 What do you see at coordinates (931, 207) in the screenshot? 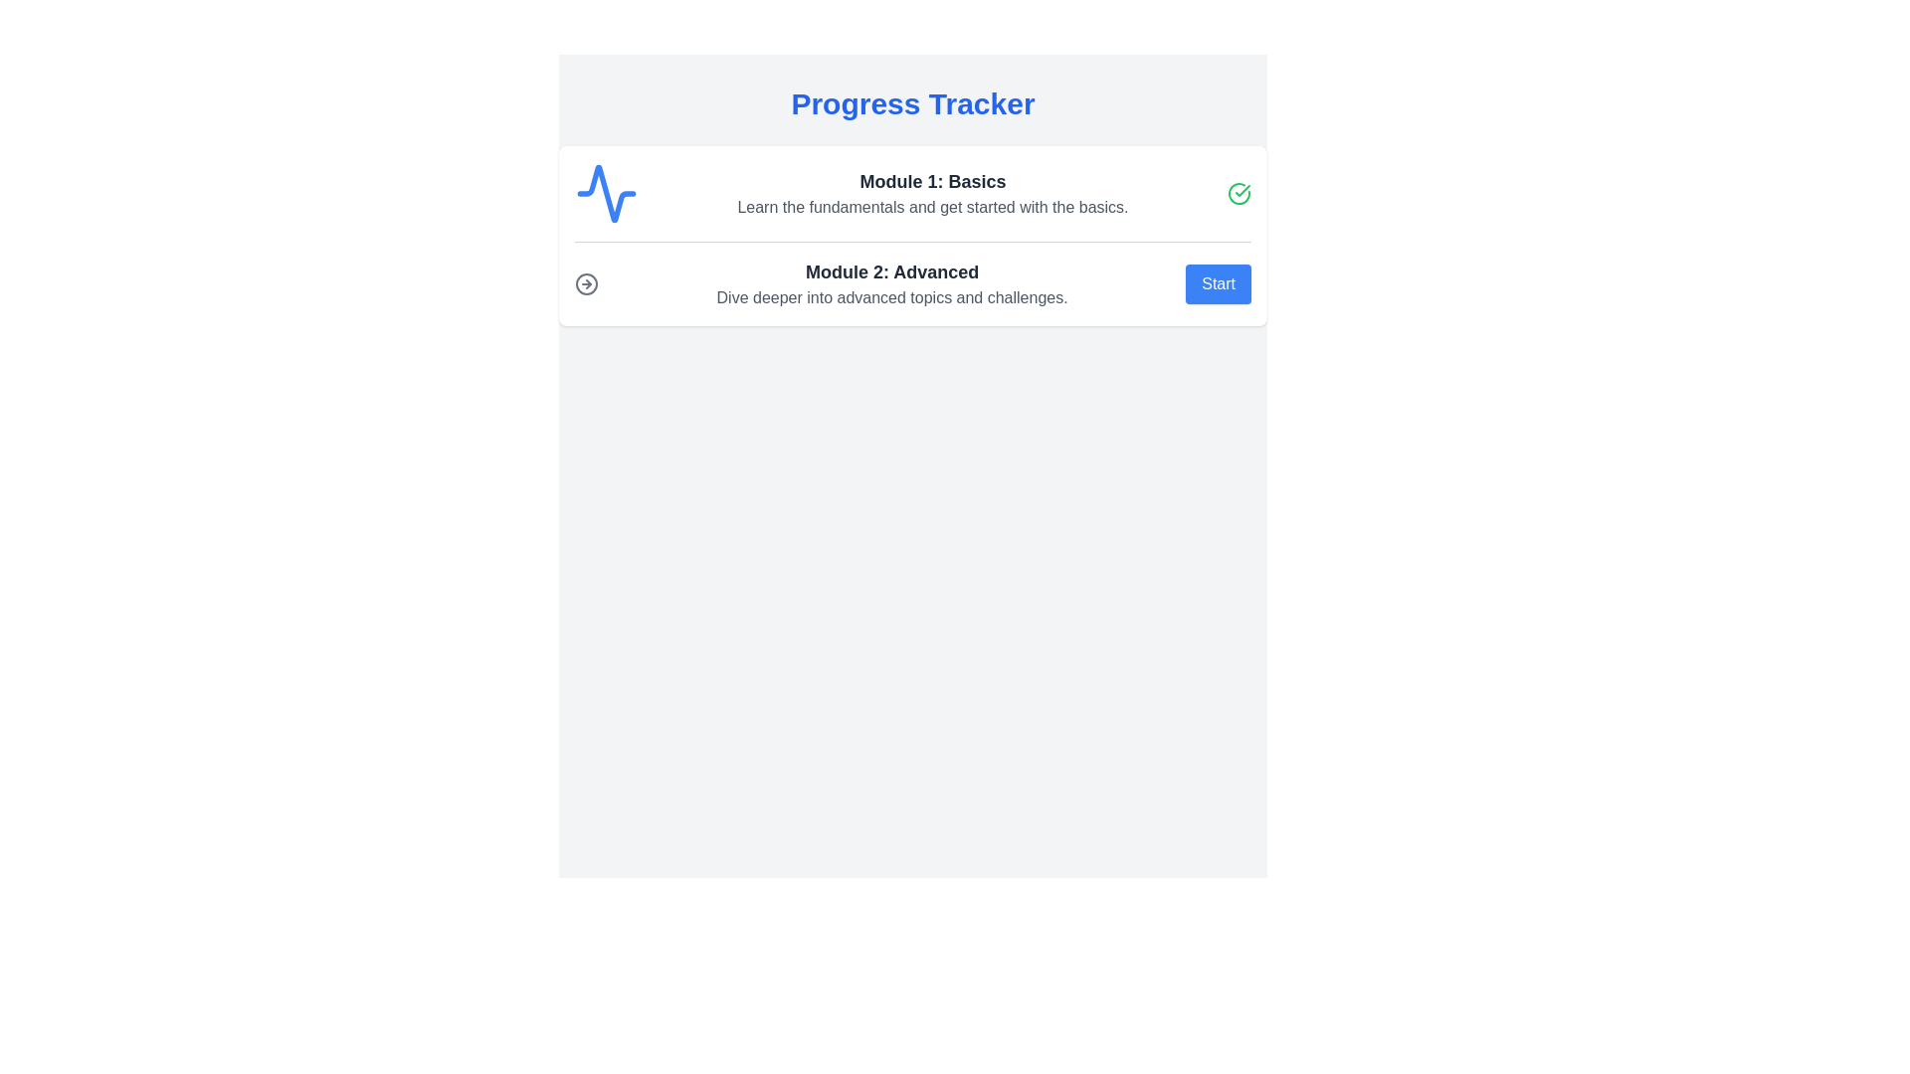
I see `text located directly below the 'Module 1: Basics' title in the module's section, providing context about the module's purpose` at bounding box center [931, 207].